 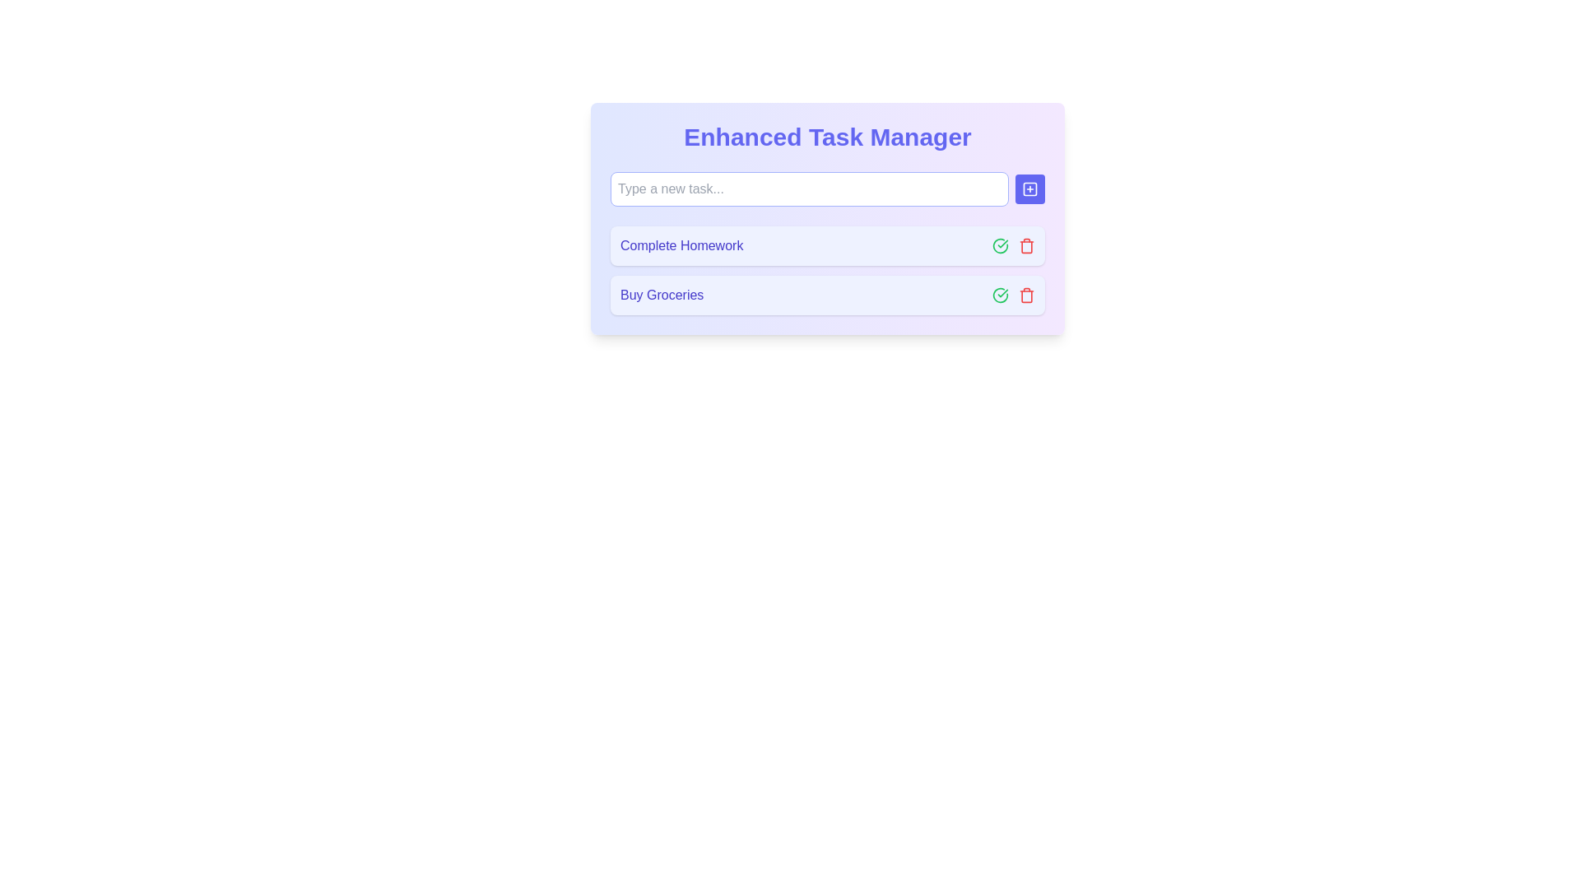 What do you see at coordinates (999, 294) in the screenshot?
I see `the completion icon located in the second task row of the task manager interface, adjacent to the task description and near the red trash can icon` at bounding box center [999, 294].